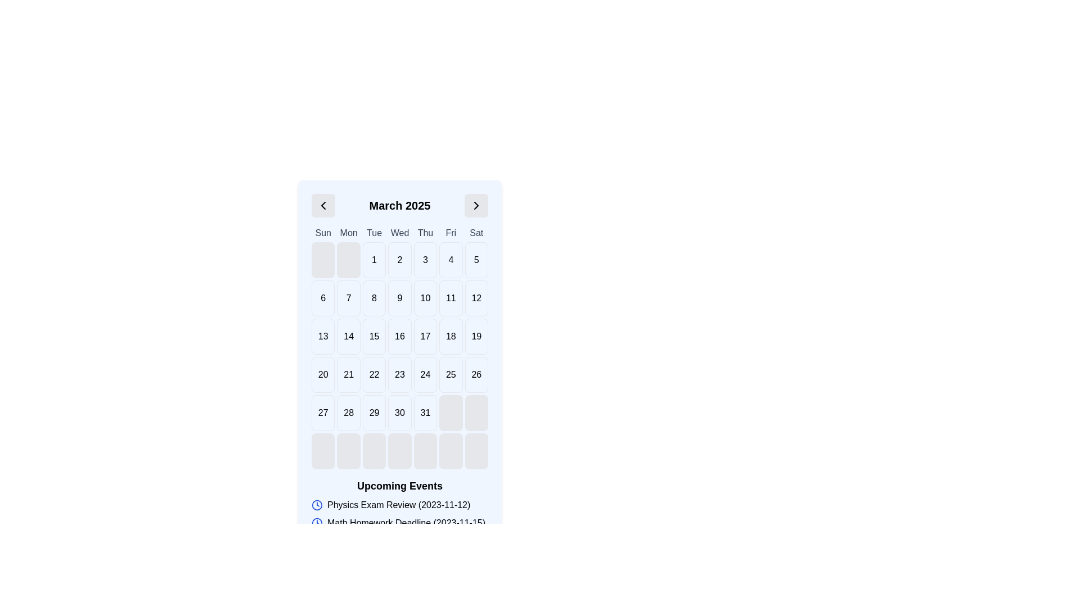 The height and width of the screenshot is (607, 1080). I want to click on the Calendar Date Cell representing the day 16, located in the third row and fourth column of the calendar, directly below the weekday header 'Thu', so click(399, 336).